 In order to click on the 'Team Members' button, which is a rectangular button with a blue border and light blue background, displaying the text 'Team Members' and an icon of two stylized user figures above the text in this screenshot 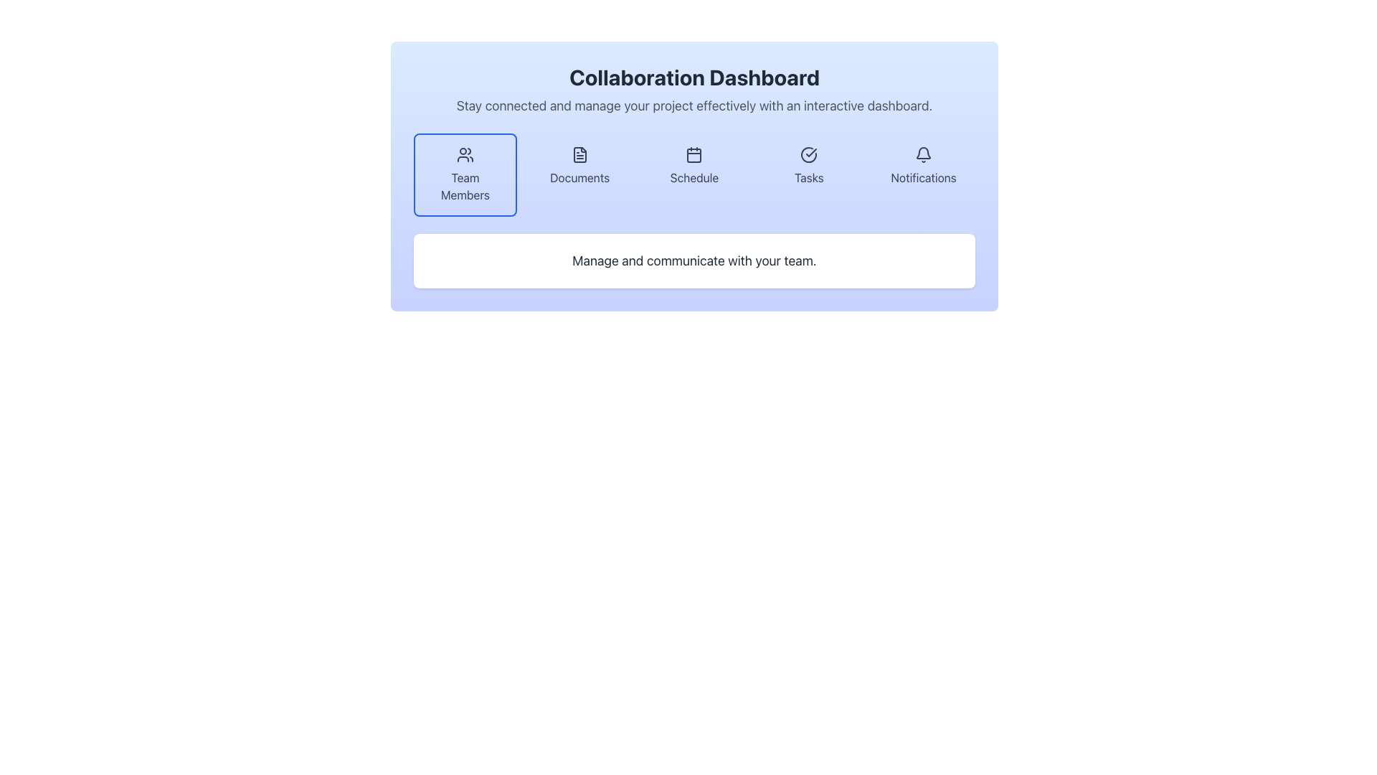, I will do `click(465, 174)`.